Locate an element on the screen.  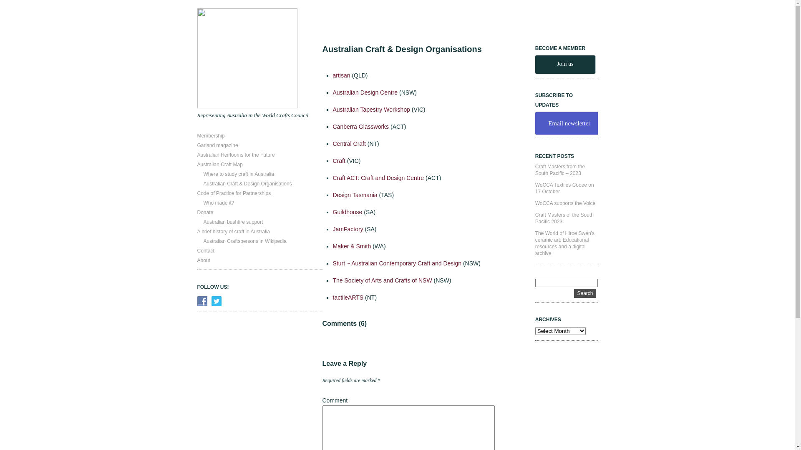
'Where to study craft in Australia' is located at coordinates (238, 173).